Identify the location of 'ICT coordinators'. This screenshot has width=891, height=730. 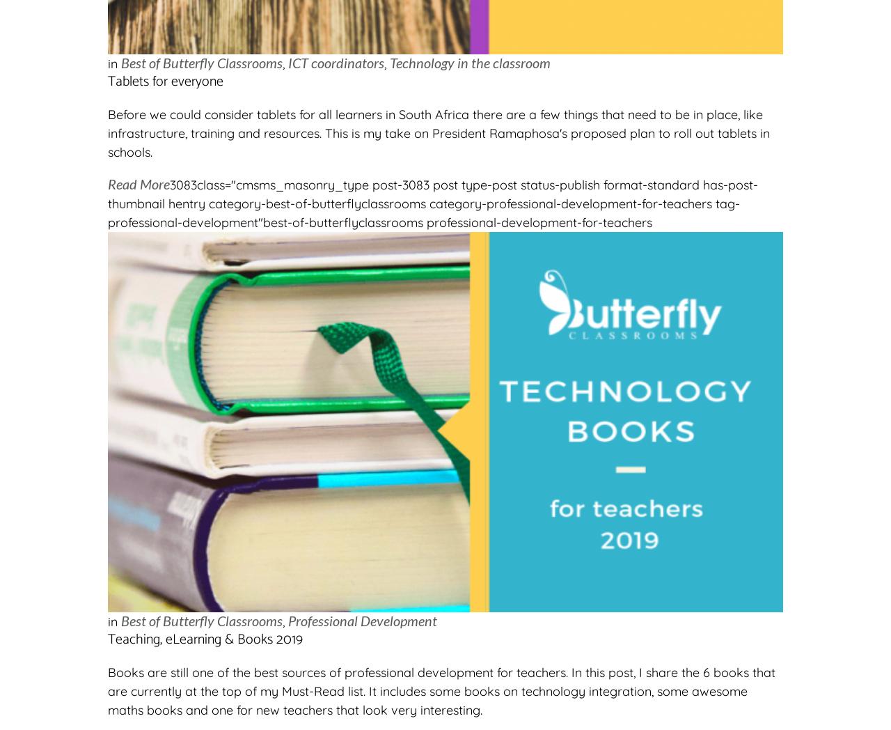
(336, 62).